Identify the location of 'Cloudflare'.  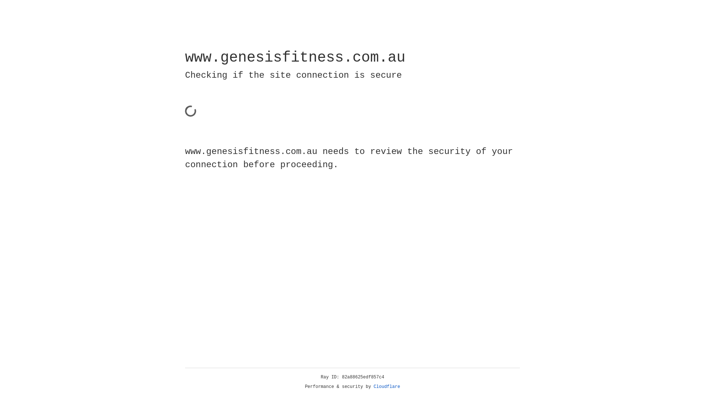
(373, 386).